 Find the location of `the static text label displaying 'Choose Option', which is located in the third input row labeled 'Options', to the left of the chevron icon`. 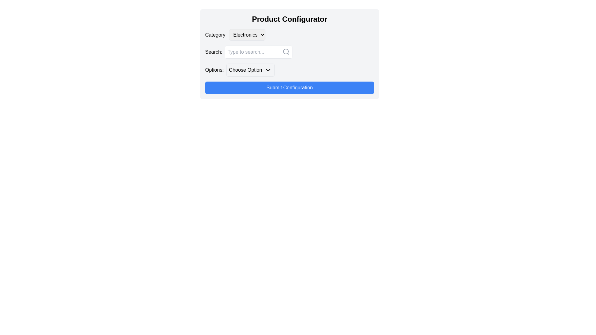

the static text label displaying 'Choose Option', which is located in the third input row labeled 'Options', to the left of the chevron icon is located at coordinates (245, 70).